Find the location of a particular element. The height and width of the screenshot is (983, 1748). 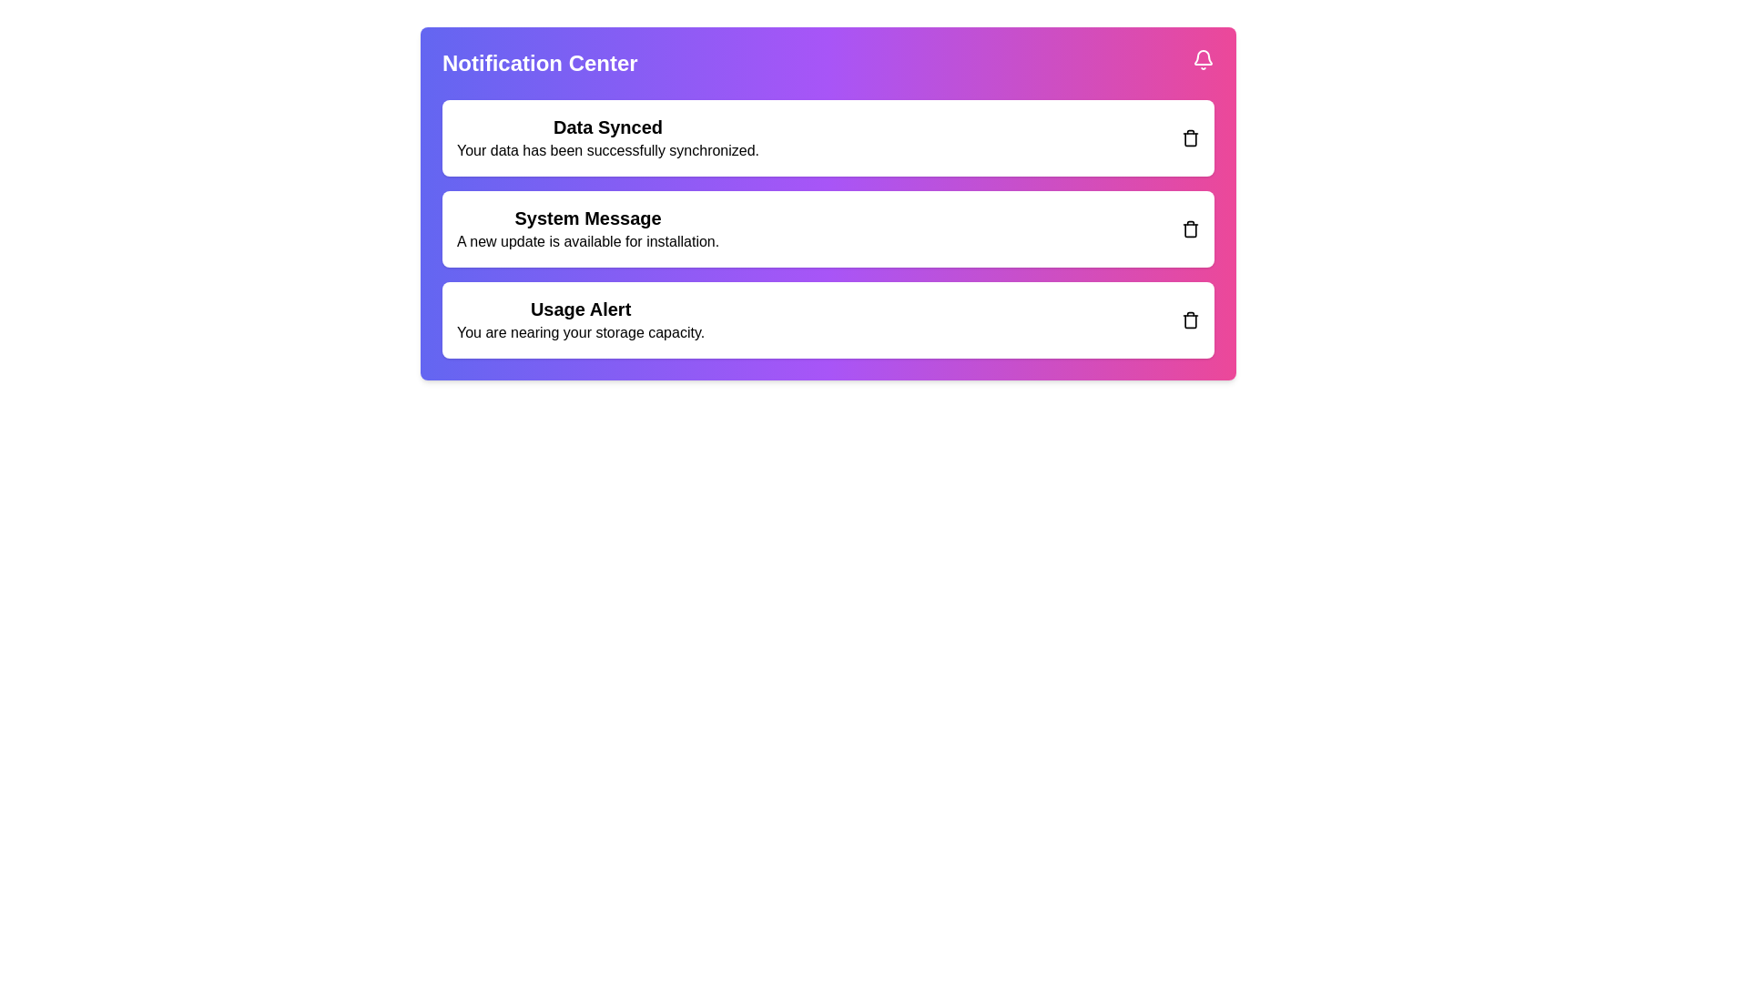

the trash bin icon button located at the right end of the top notification card is located at coordinates (1191, 137).